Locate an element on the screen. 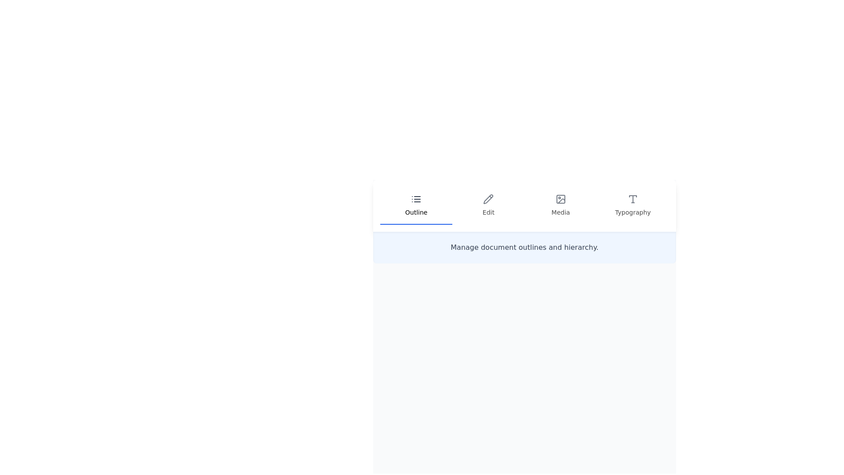  the Media tab by clicking on its corresponding button is located at coordinates (560, 205).